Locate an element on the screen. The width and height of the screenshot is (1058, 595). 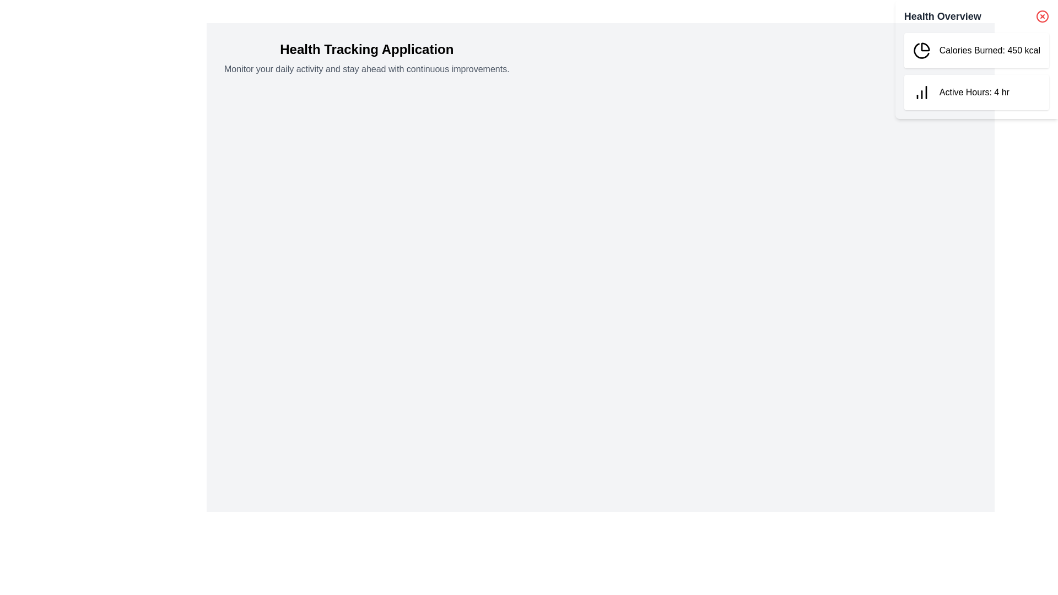
the button located in the top-right corner of the interface is located at coordinates (1041, 17).